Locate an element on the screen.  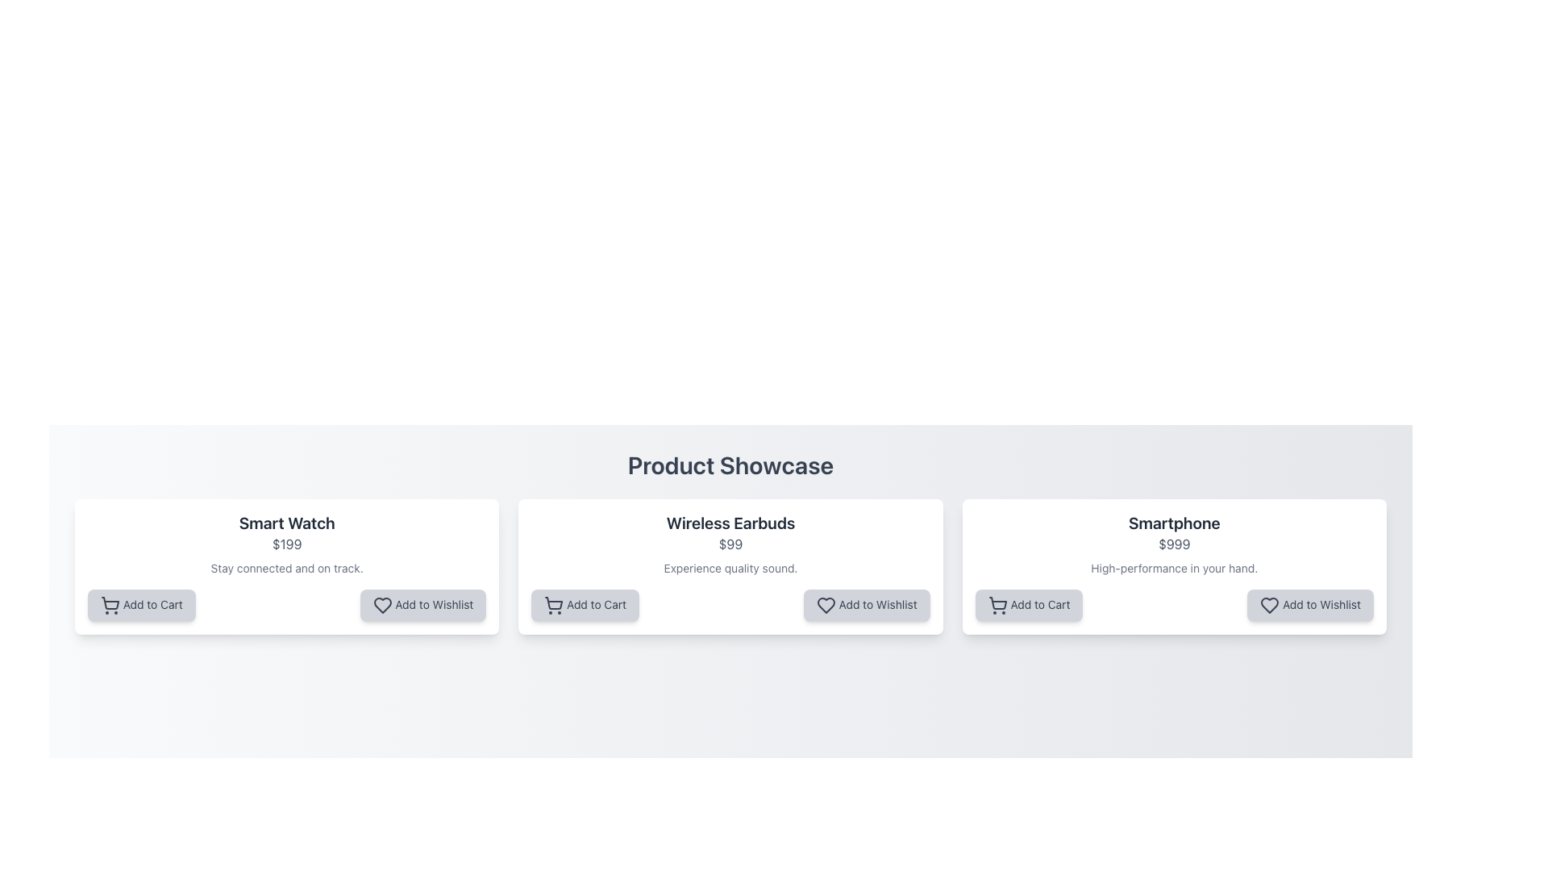
the 'Add to Cart' button, which is styled with a rounded rectangle shape, light-gray background, darker gray text color, and includes a shopping cart icon, located in the middle column under the 'Wireless Earbuds' product card is located at coordinates (585, 606).